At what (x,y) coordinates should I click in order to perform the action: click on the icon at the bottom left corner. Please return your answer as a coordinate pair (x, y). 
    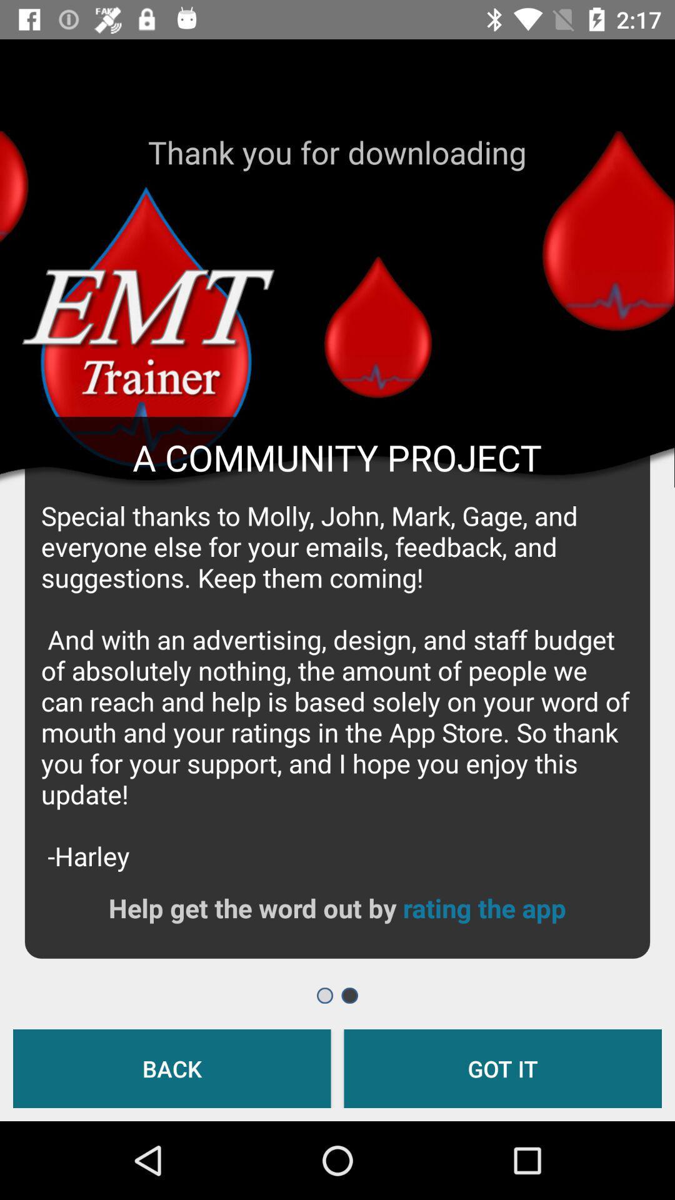
    Looking at the image, I should click on (172, 1067).